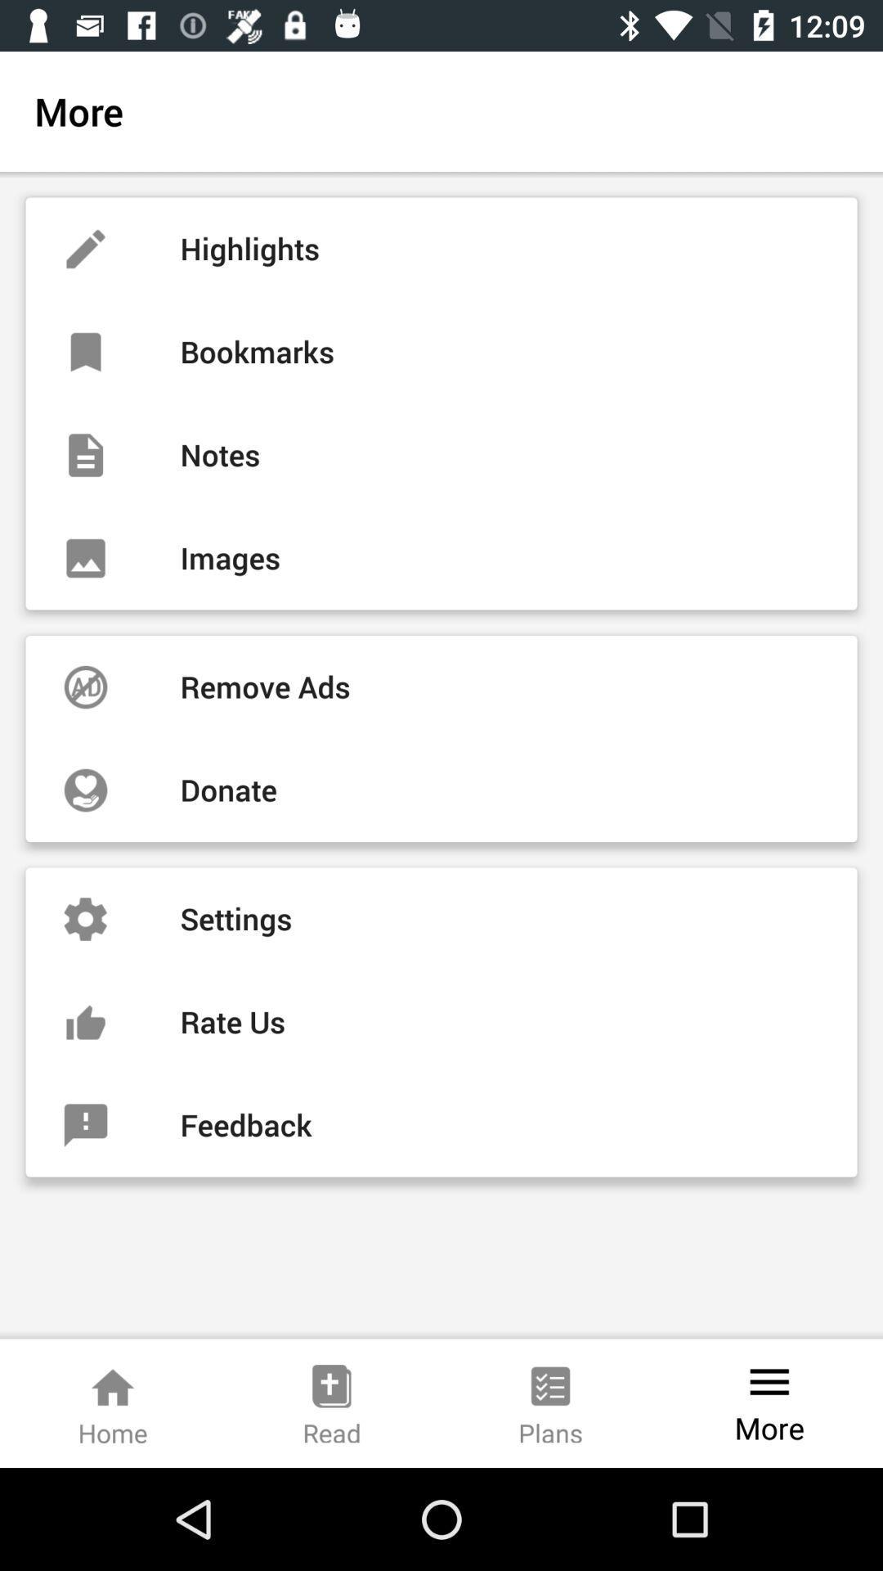 This screenshot has height=1571, width=883. I want to click on rate us, so click(441, 1021).